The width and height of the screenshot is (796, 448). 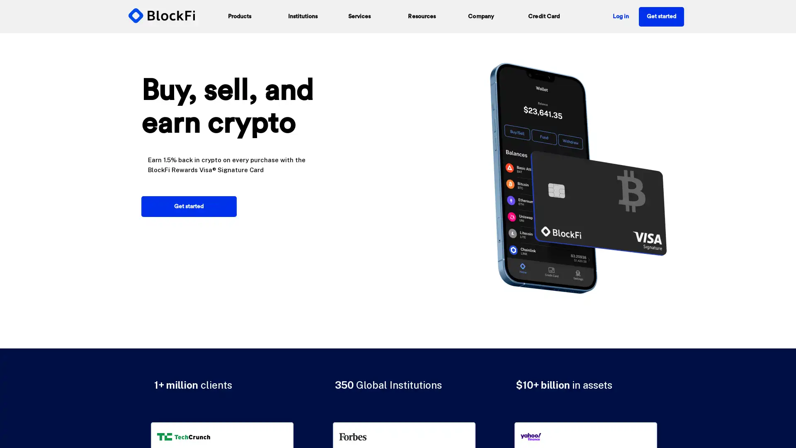 I want to click on Join BlockFi, so click(x=398, y=163).